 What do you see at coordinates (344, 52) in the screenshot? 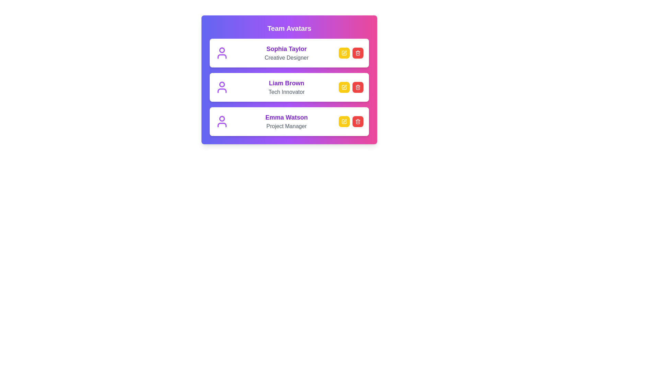
I see `the edit icon (pen) located next to the trash can icon for the individual 'Sophia Taylor' to initiate editing` at bounding box center [344, 52].